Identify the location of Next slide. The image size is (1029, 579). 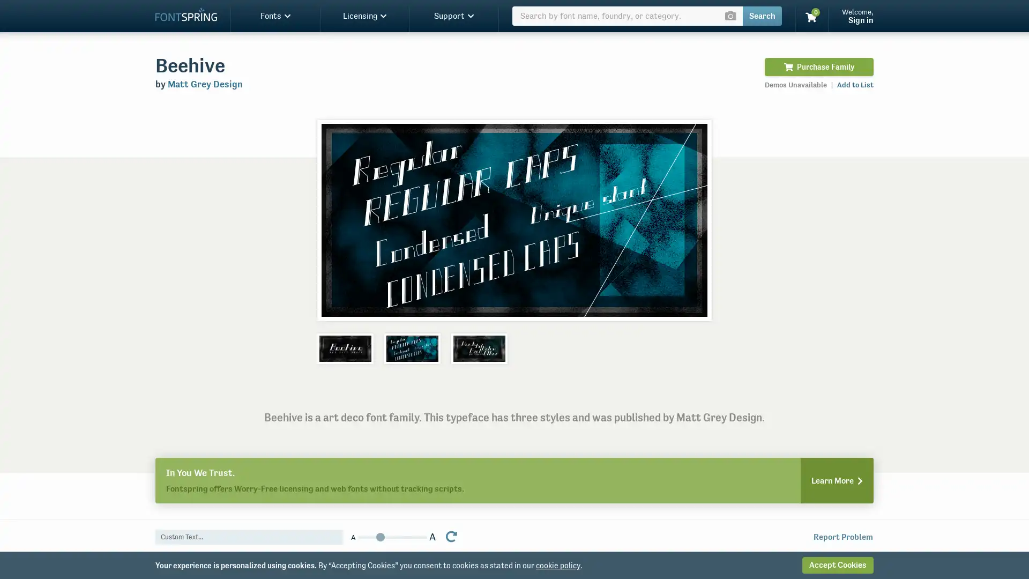
(691, 220).